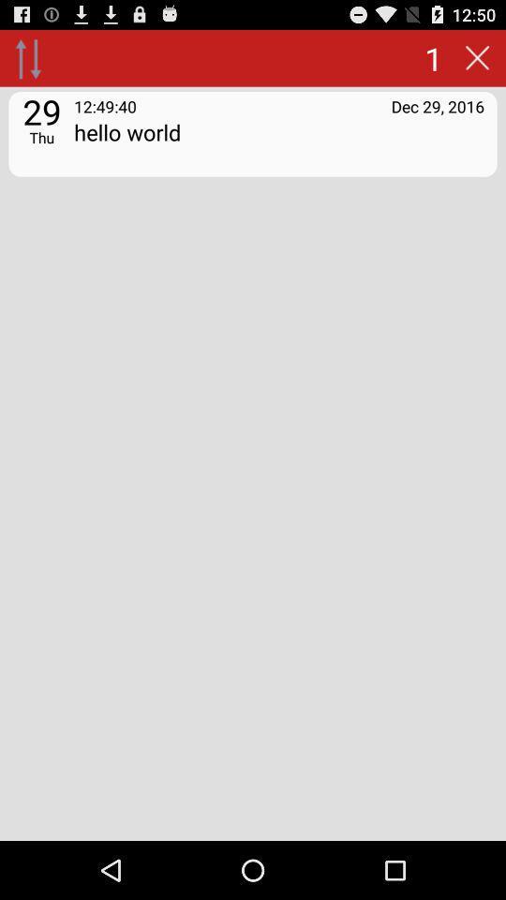 Image resolution: width=506 pixels, height=900 pixels. Describe the element at coordinates (41, 136) in the screenshot. I see `the icon next to hello world icon` at that location.